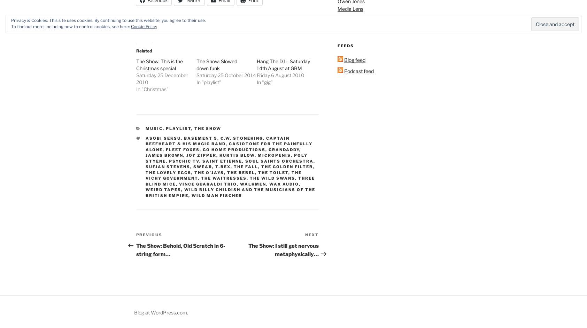  What do you see at coordinates (163, 138) in the screenshot?
I see `'Asobi Seksu'` at bounding box center [163, 138].